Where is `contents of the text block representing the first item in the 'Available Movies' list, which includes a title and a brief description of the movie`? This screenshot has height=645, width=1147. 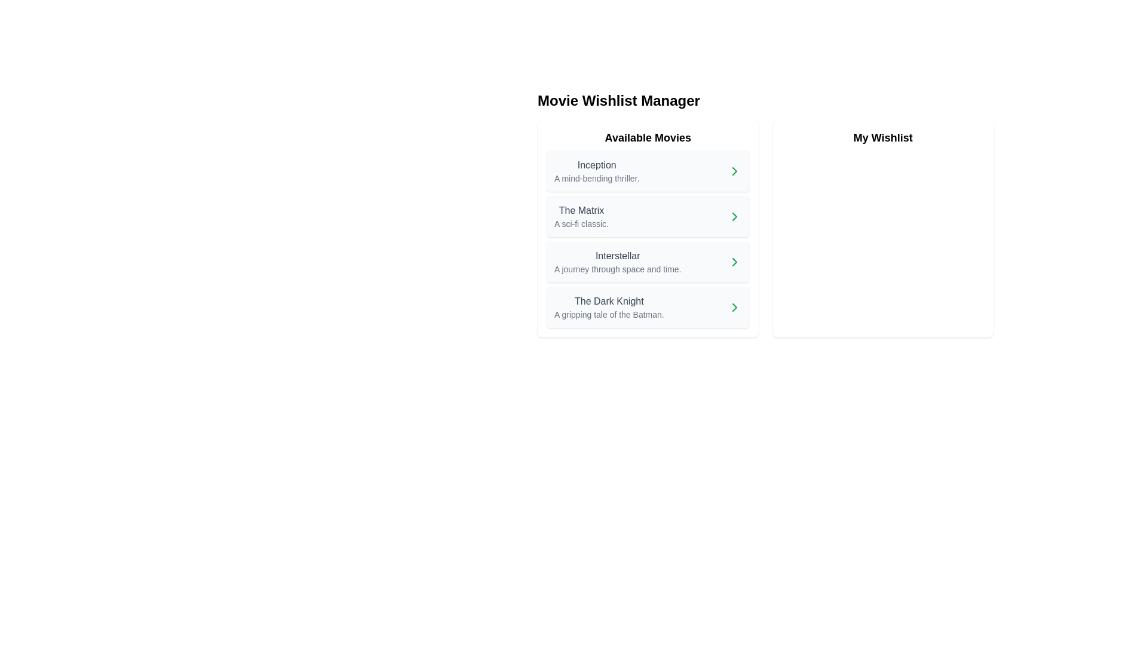 contents of the text block representing the first item in the 'Available Movies' list, which includes a title and a brief description of the movie is located at coordinates (597, 171).